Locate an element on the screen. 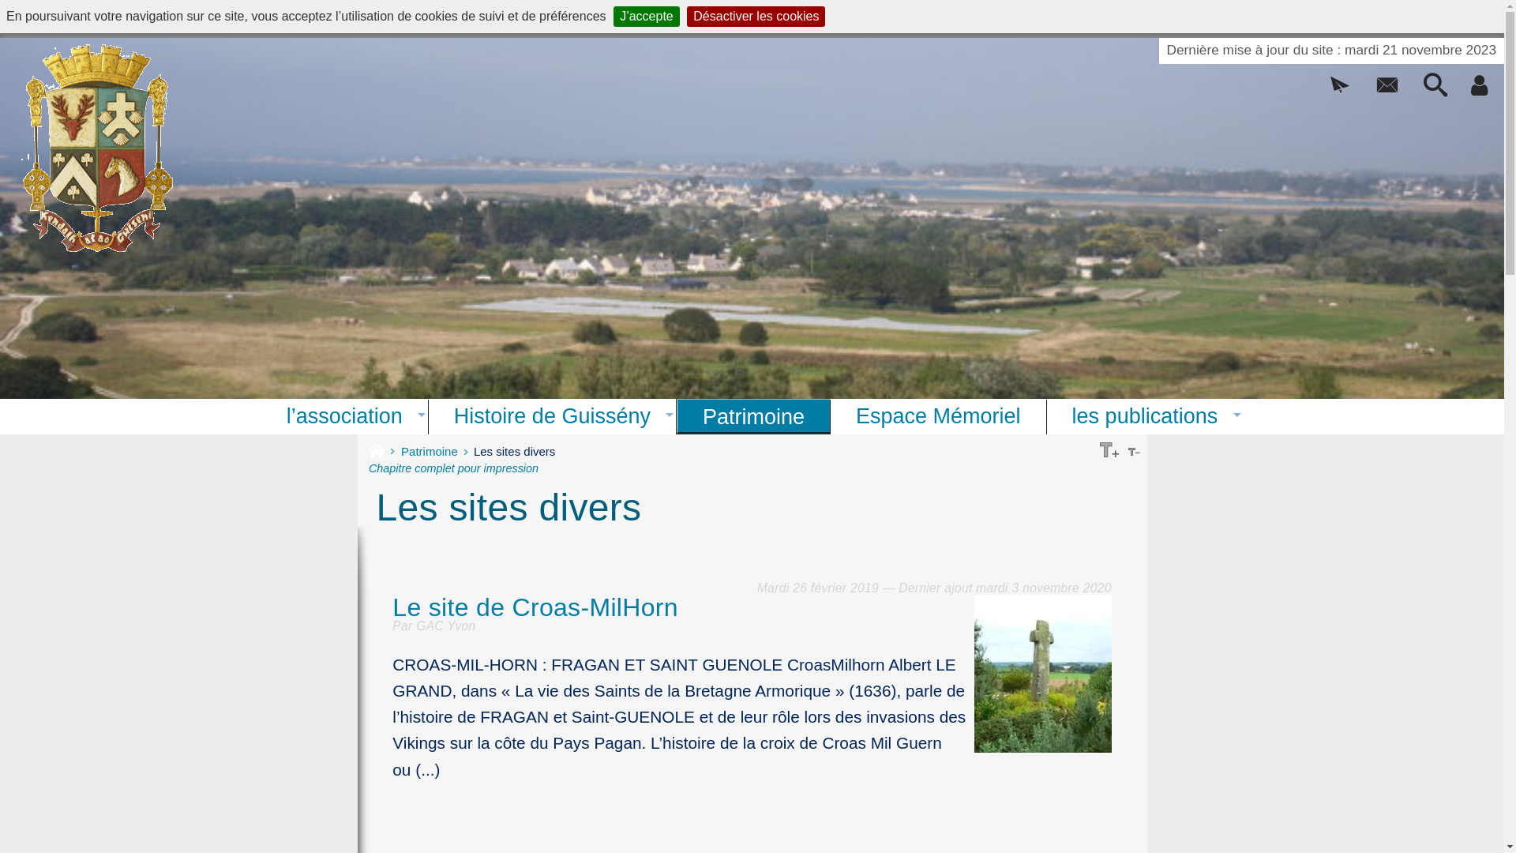 Image resolution: width=1516 pixels, height=853 pixels. 'Patrimoine' is located at coordinates (436, 451).